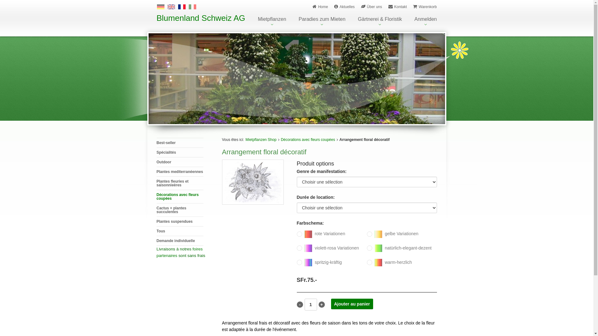 The height and width of the screenshot is (336, 598). Describe the element at coordinates (179, 231) in the screenshot. I see `'Tous'` at that location.